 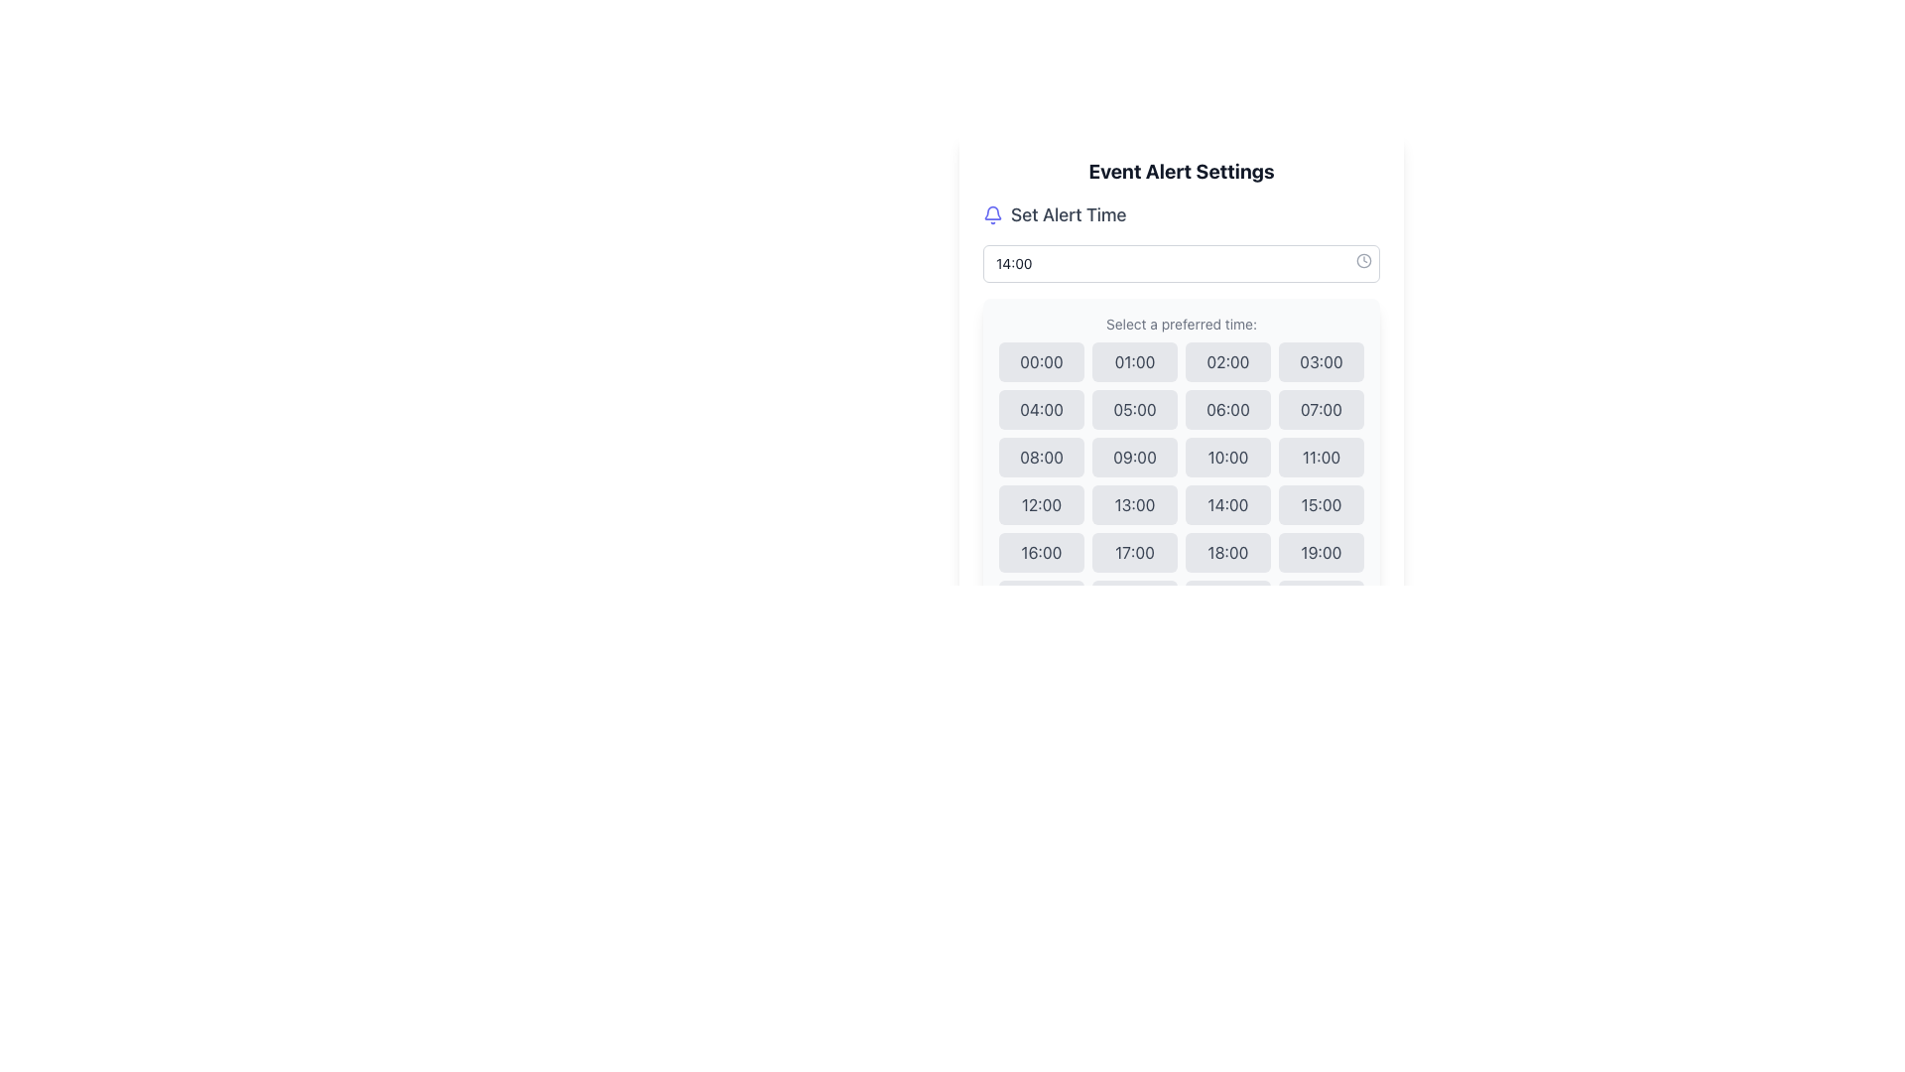 I want to click on the rectangular button labeled '07:00' with a light gray background, so click(x=1321, y=408).